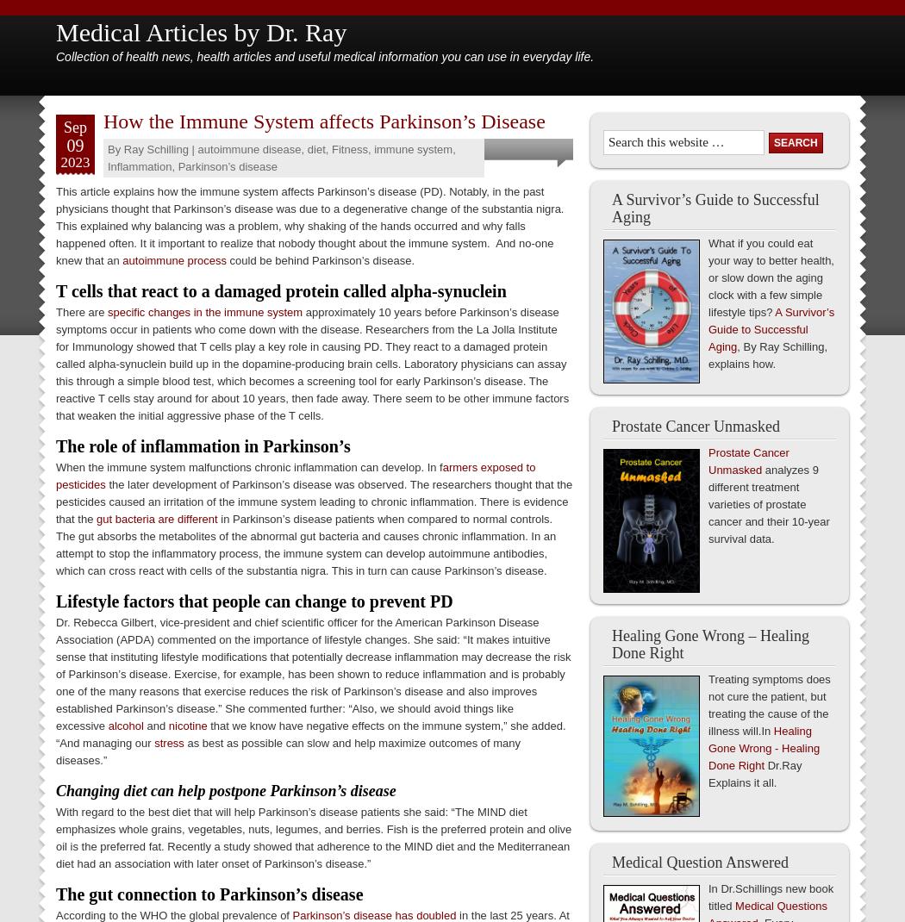  What do you see at coordinates (253, 601) in the screenshot?
I see `'Lifestyle factors that people can change to prevent PD'` at bounding box center [253, 601].